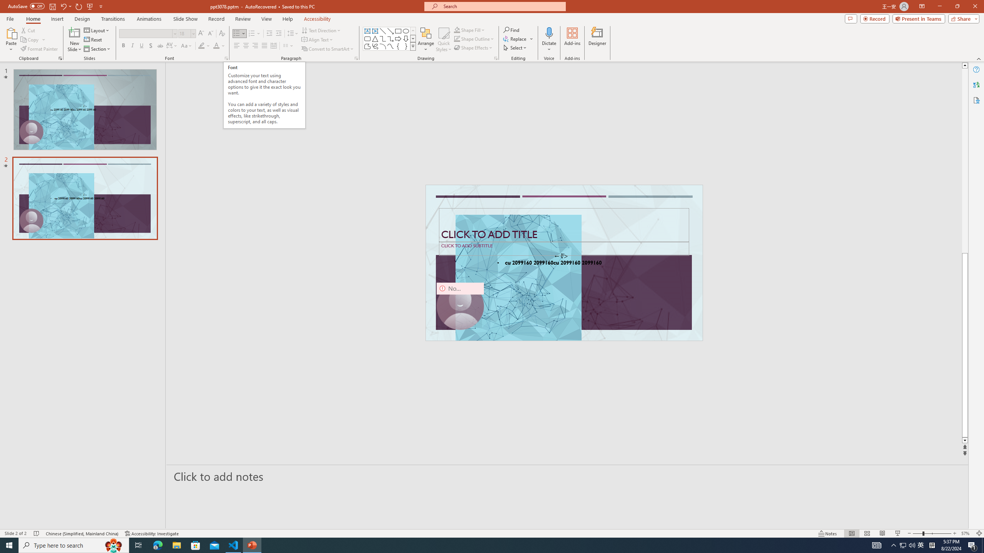 This screenshot has width=984, height=553. Describe the element at coordinates (390, 31) in the screenshot. I see `'Line Arrow'` at that location.